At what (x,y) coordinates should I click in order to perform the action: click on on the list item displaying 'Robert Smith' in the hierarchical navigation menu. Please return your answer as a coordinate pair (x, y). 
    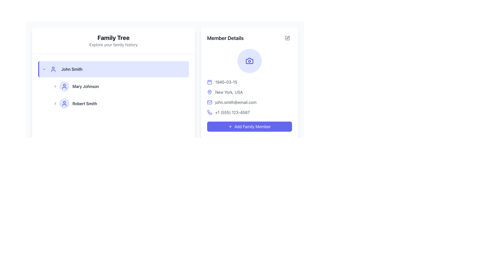
    Looking at the image, I should click on (119, 103).